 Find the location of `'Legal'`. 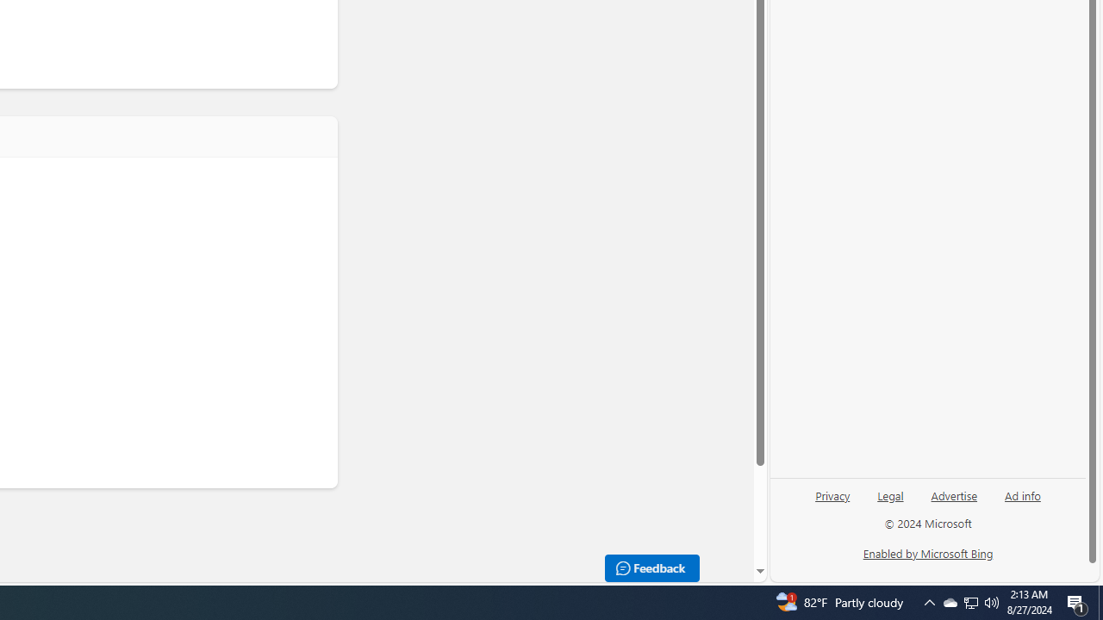

'Legal' is located at coordinates (890, 494).